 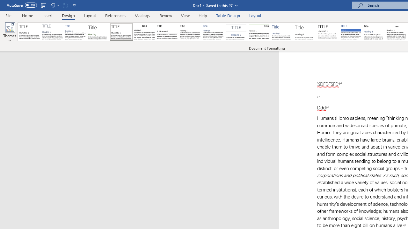 I want to click on 'System', so click(x=3, y=3).